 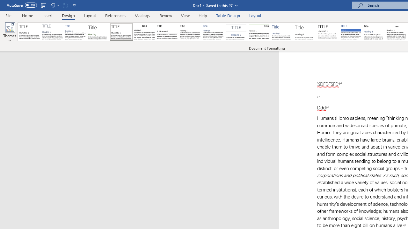 I want to click on 'System', so click(x=3, y=3).